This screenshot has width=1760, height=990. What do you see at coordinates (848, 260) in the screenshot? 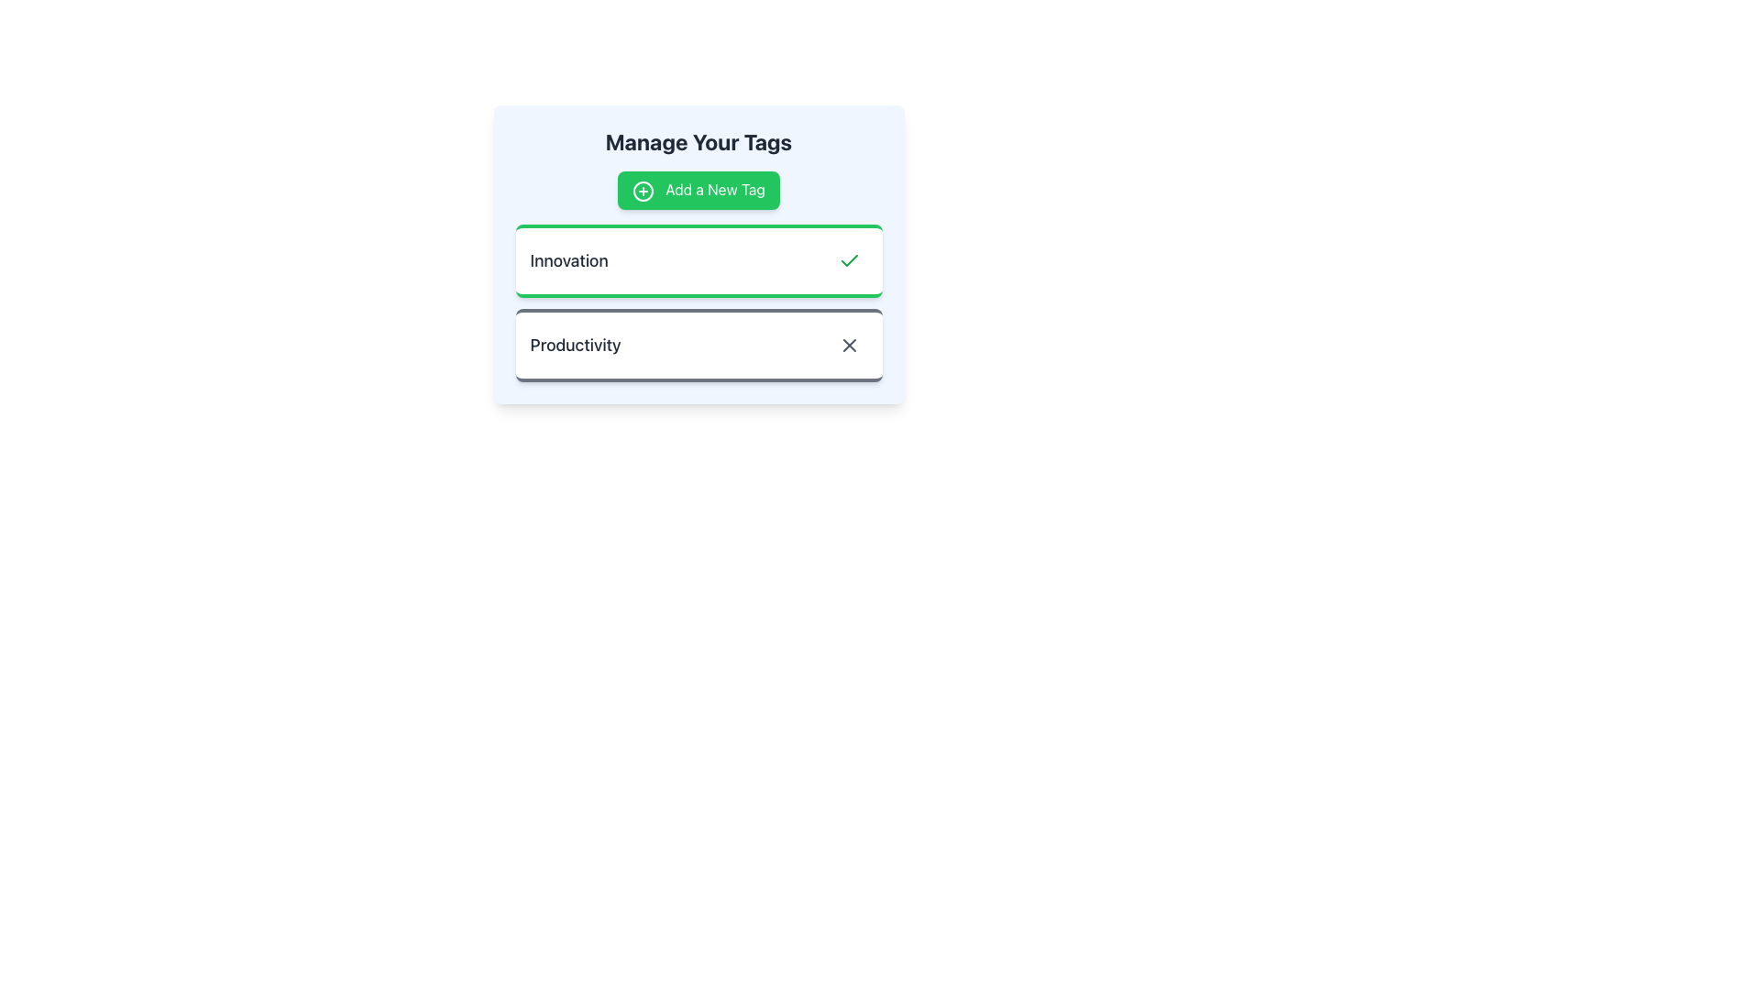
I see `the green checkmark icon styled with a circle, located next to the 'Innovation' label within the 'Manage Your Tags' interface` at bounding box center [848, 260].